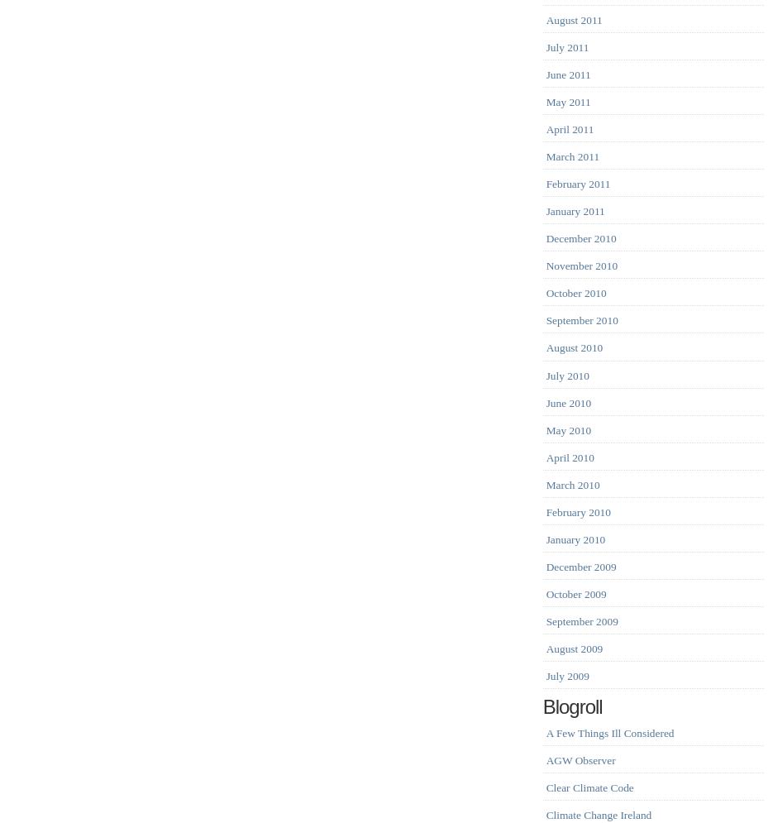  What do you see at coordinates (571, 156) in the screenshot?
I see `'March 2011'` at bounding box center [571, 156].